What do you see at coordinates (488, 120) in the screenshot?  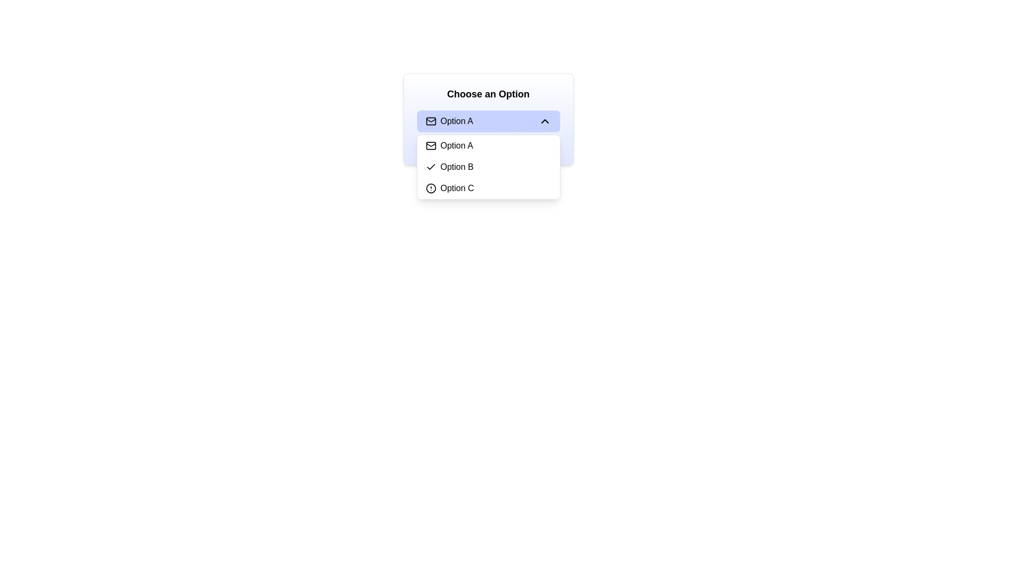 I see `the dropdown selector with a light purple background and black icons` at bounding box center [488, 120].